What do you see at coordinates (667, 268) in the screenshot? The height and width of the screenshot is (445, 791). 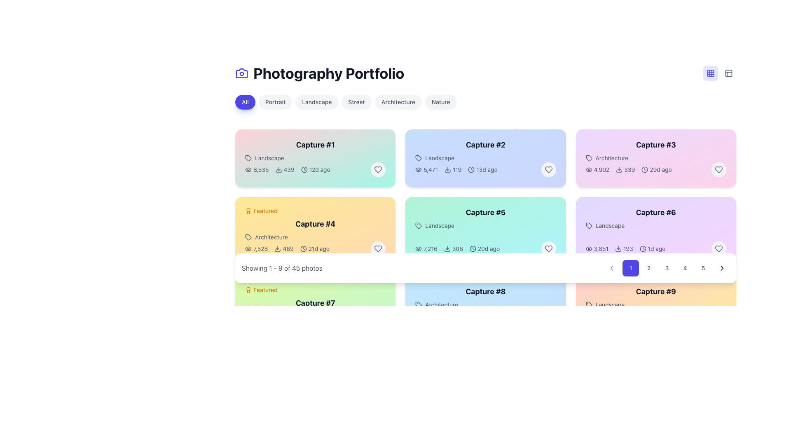 I see `the circular button with a white background displaying the numeral '3'` at bounding box center [667, 268].